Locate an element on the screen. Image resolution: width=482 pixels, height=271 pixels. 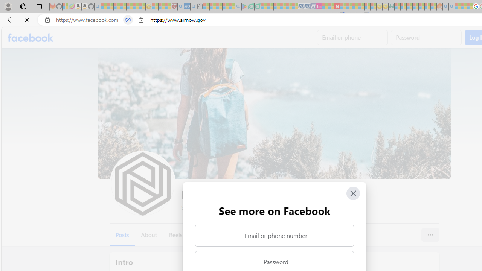
'Terms of Use Agreement - Sleeping' is located at coordinates (251, 6).